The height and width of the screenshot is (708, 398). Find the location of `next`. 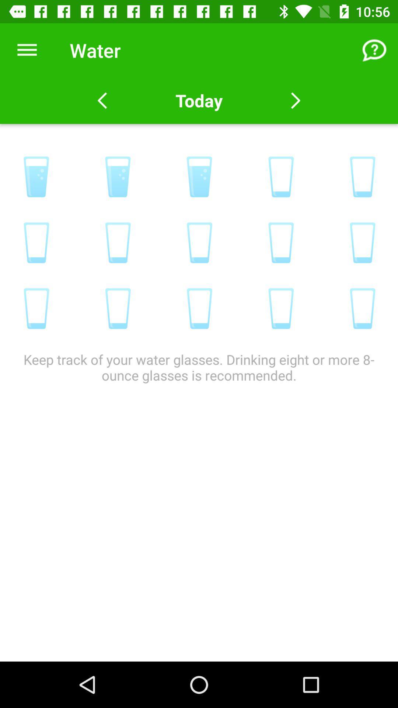

next is located at coordinates (295, 100).